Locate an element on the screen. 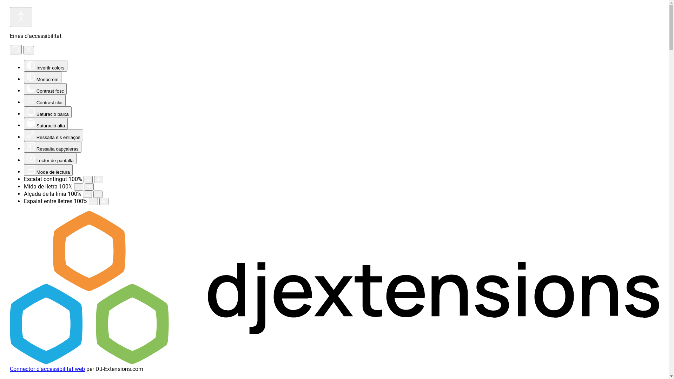  'Augmenta la mida del contingut' is located at coordinates (94, 179).